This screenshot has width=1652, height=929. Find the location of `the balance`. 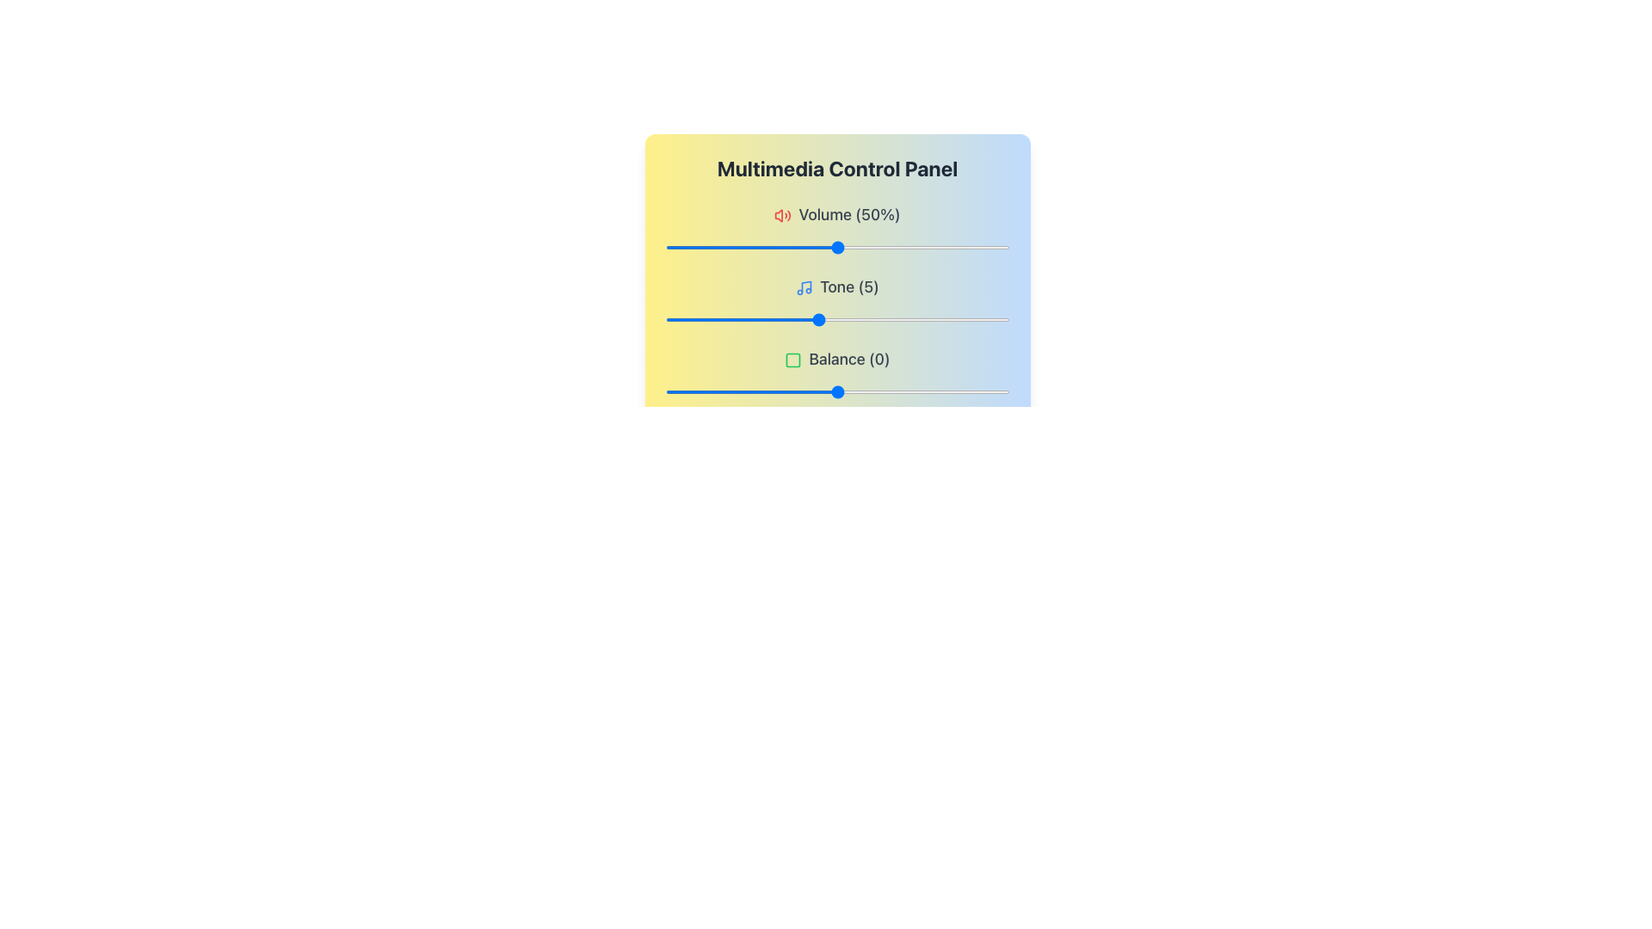

the balance is located at coordinates (837, 391).